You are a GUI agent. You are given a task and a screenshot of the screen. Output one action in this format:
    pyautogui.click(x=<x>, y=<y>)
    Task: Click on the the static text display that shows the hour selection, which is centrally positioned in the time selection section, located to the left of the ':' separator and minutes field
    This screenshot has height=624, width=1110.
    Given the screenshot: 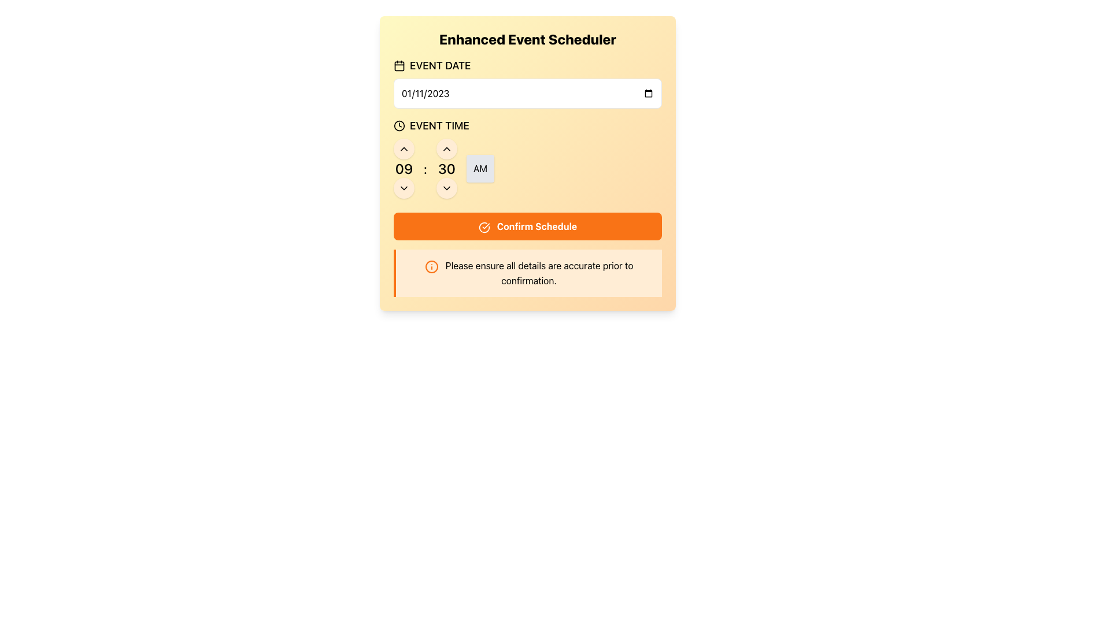 What is the action you would take?
    pyautogui.click(x=404, y=169)
    